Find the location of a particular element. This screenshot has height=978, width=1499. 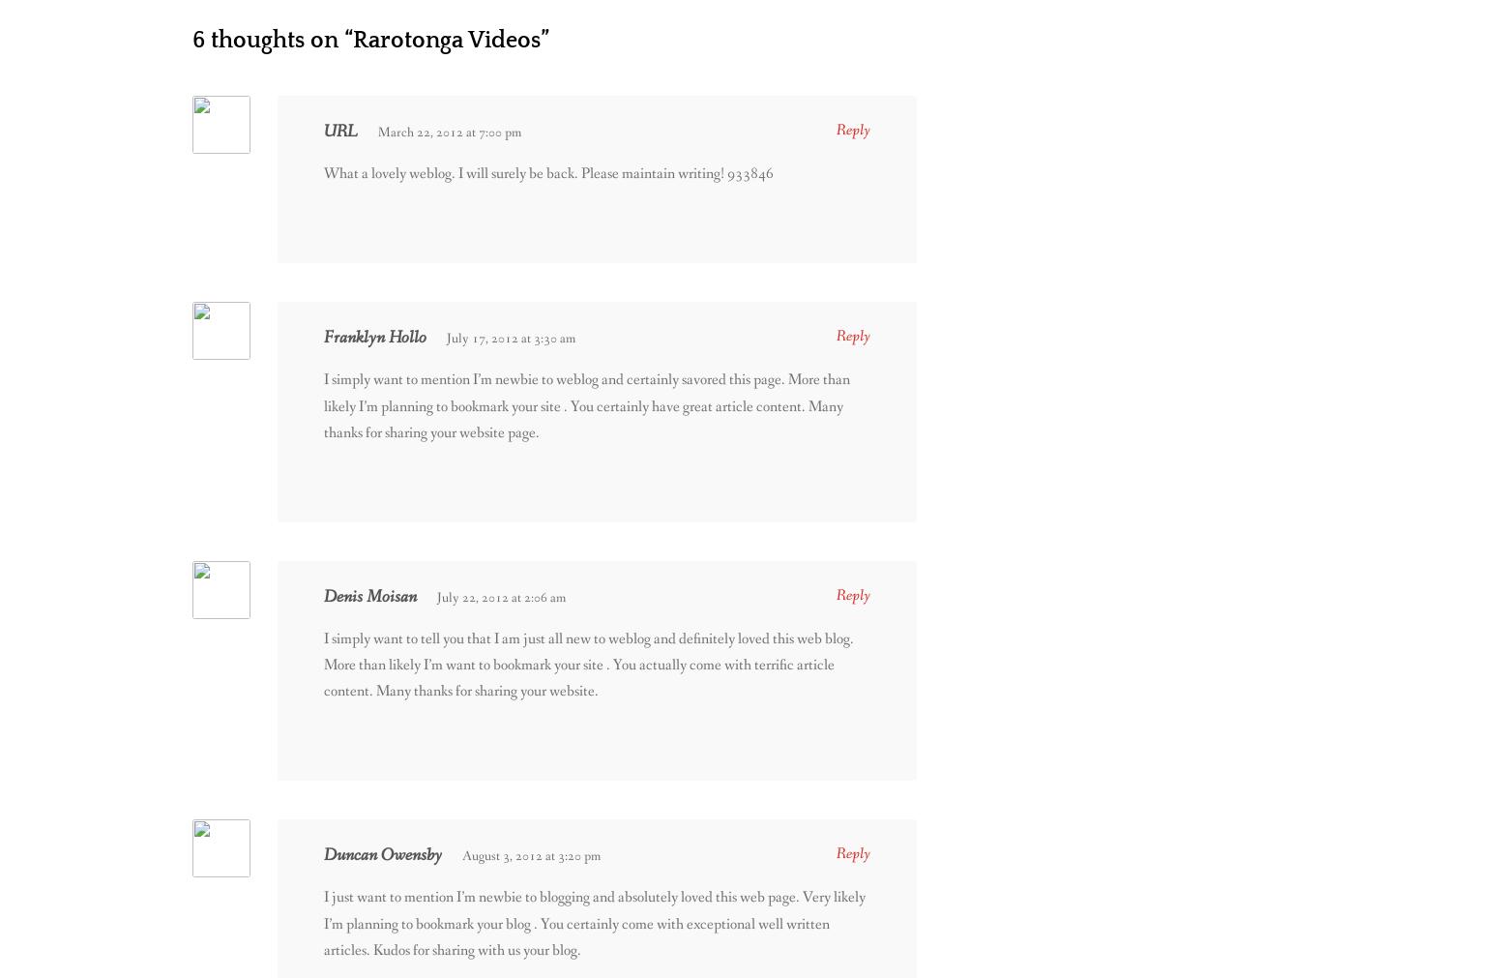

'I simply want to tell you that I am just all new to weblog and definitely loved this web blog. More than likely I’m want to bookmark your site . You actually come with terrific article content. Many thanks for sharing your website.' is located at coordinates (588, 663).